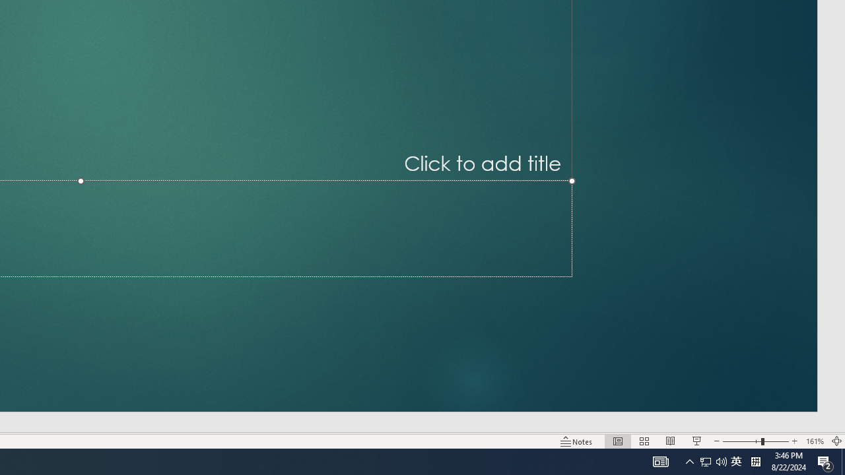 The height and width of the screenshot is (475, 845). Describe the element at coordinates (814, 441) in the screenshot. I see `'Zoom 161%'` at that location.